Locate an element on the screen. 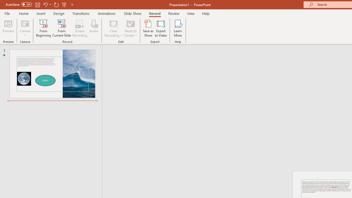 This screenshot has width=352, height=198. 'Review' is located at coordinates (173, 13).